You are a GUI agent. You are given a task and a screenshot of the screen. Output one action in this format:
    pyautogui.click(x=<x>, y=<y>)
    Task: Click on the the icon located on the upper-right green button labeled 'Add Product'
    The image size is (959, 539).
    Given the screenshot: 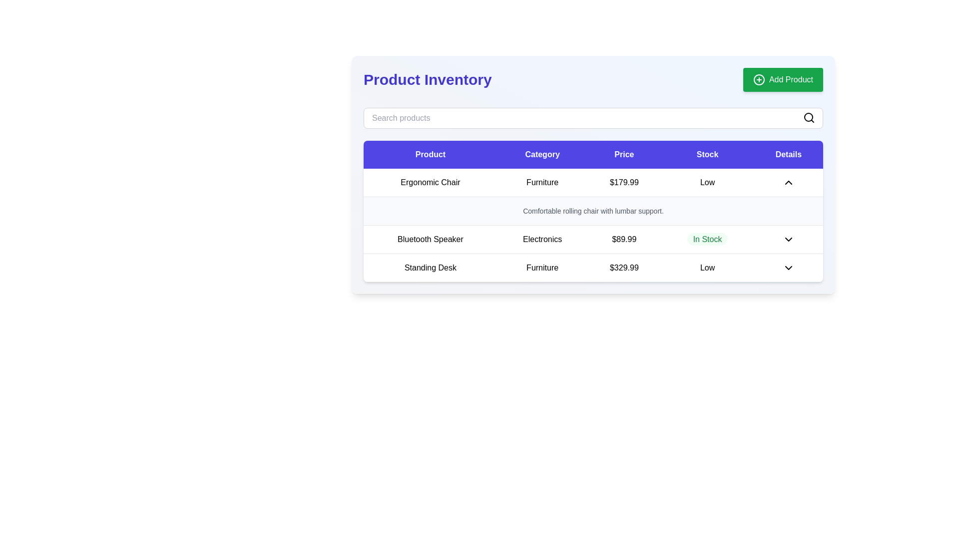 What is the action you would take?
    pyautogui.click(x=759, y=79)
    